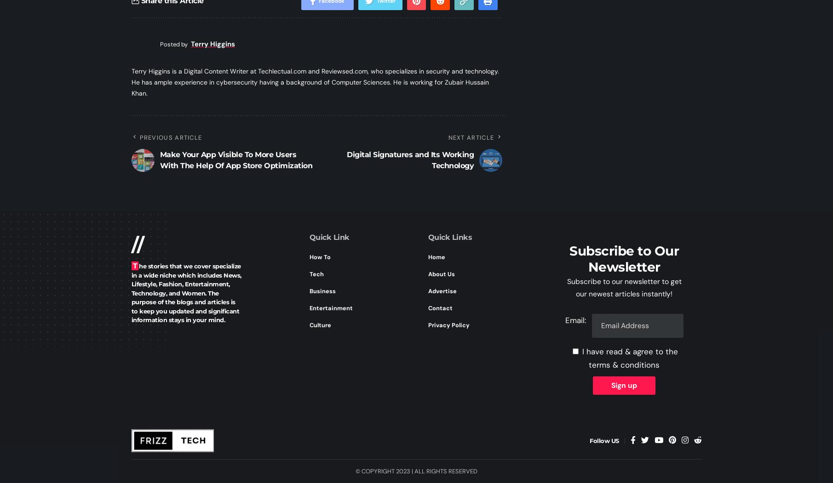 This screenshot has width=833, height=483. Describe the element at coordinates (427, 256) in the screenshot. I see `'Home'` at that location.